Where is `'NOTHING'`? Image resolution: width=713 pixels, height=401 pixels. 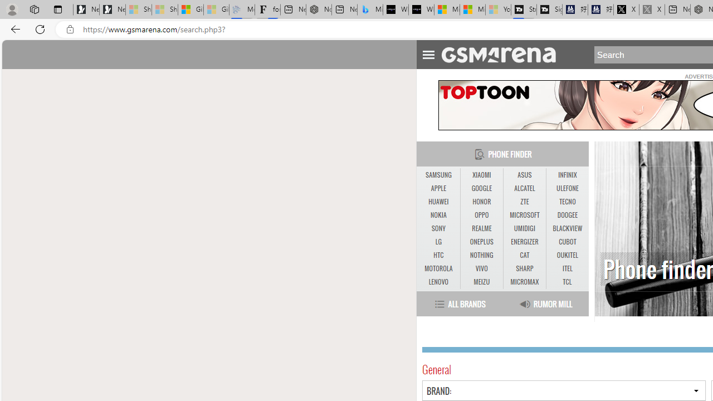 'NOTHING' is located at coordinates (481, 255).